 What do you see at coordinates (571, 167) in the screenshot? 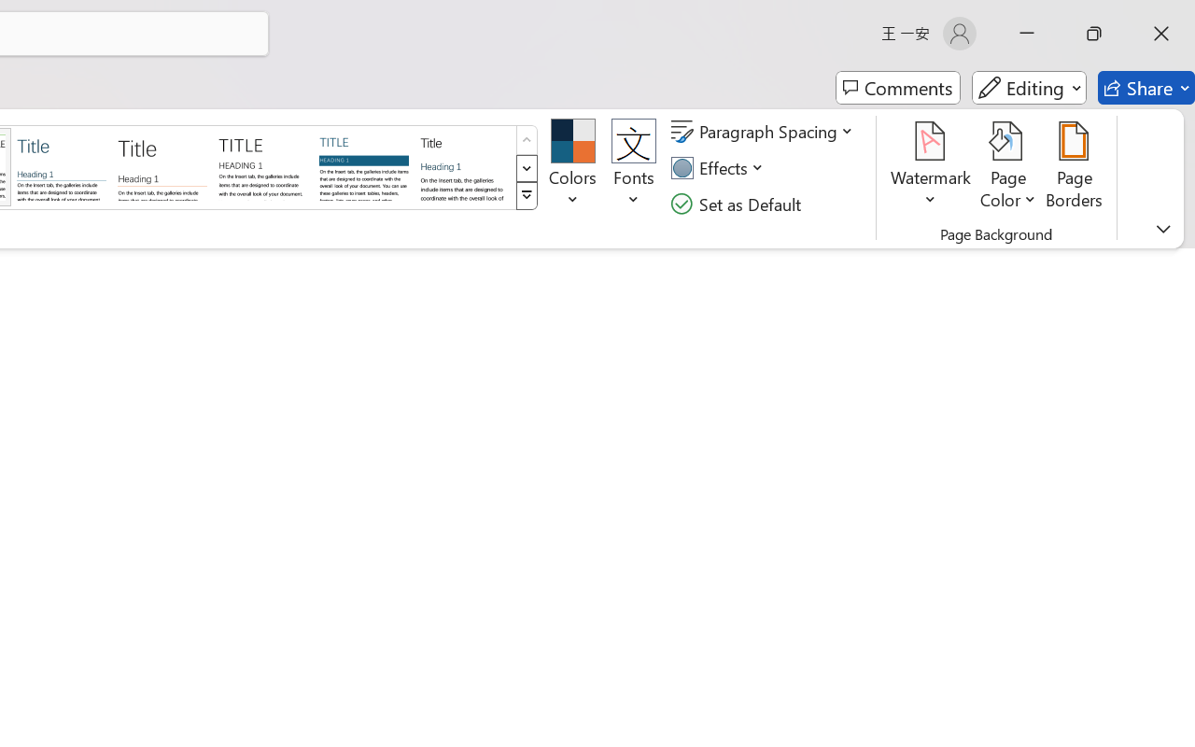
I see `'Colors'` at bounding box center [571, 167].